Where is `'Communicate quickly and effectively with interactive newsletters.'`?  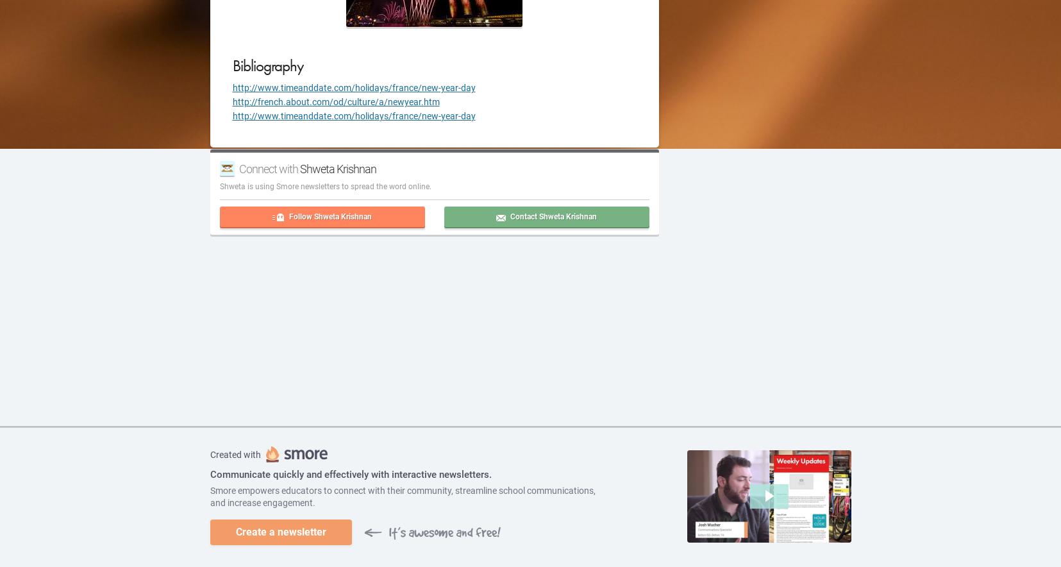 'Communicate quickly and effectively with interactive newsletters.' is located at coordinates (210, 474).